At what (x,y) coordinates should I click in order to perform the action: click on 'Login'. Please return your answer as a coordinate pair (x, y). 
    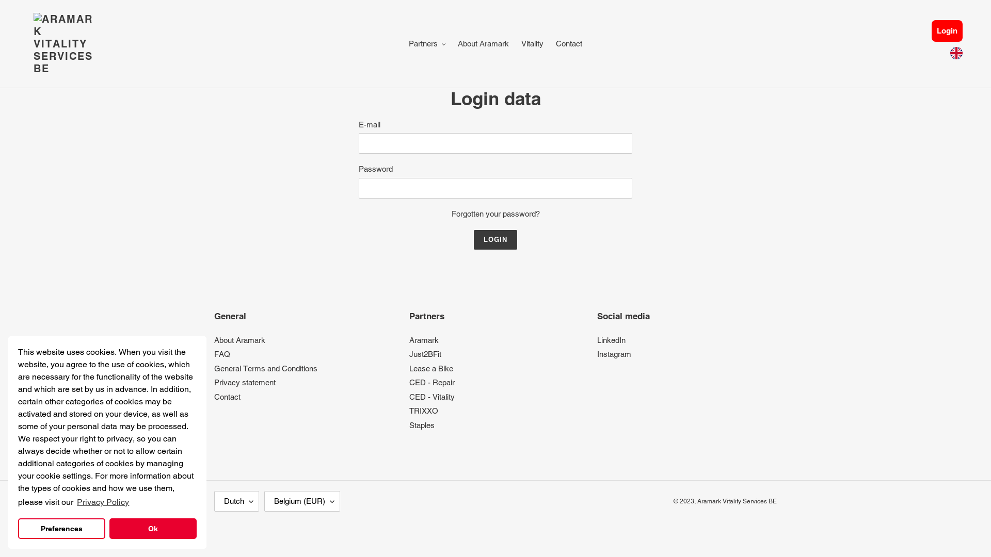
    Looking at the image, I should click on (495, 240).